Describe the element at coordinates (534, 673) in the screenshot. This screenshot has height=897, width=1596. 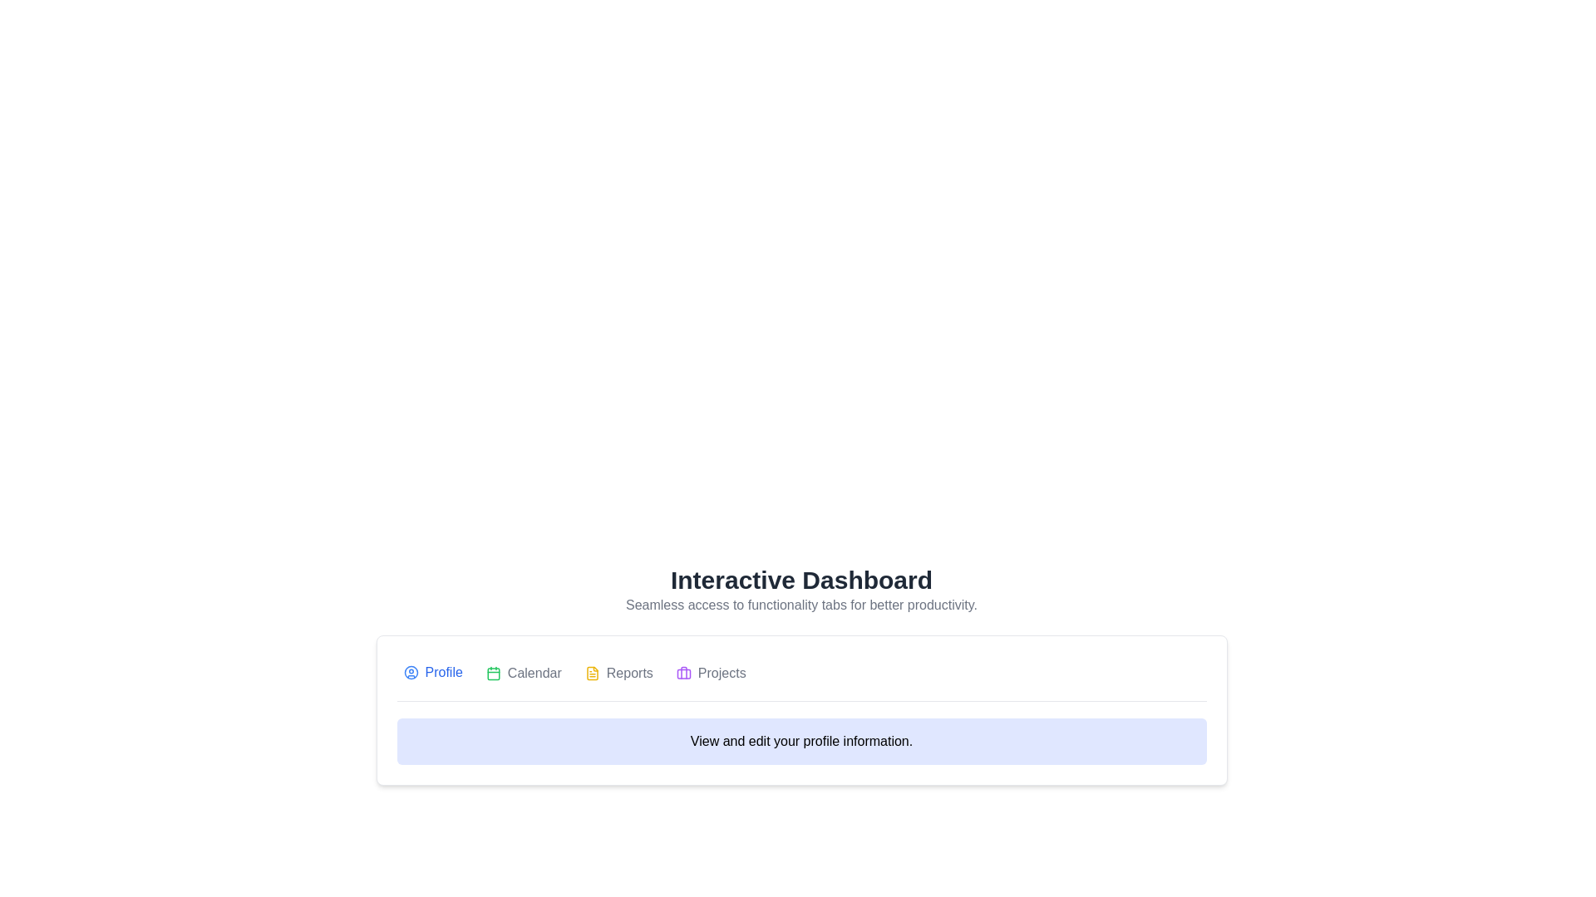
I see `the 'Calendar' text label in the horizontal navigation menu, located between the 'Profile' and 'Reports' labels` at that location.